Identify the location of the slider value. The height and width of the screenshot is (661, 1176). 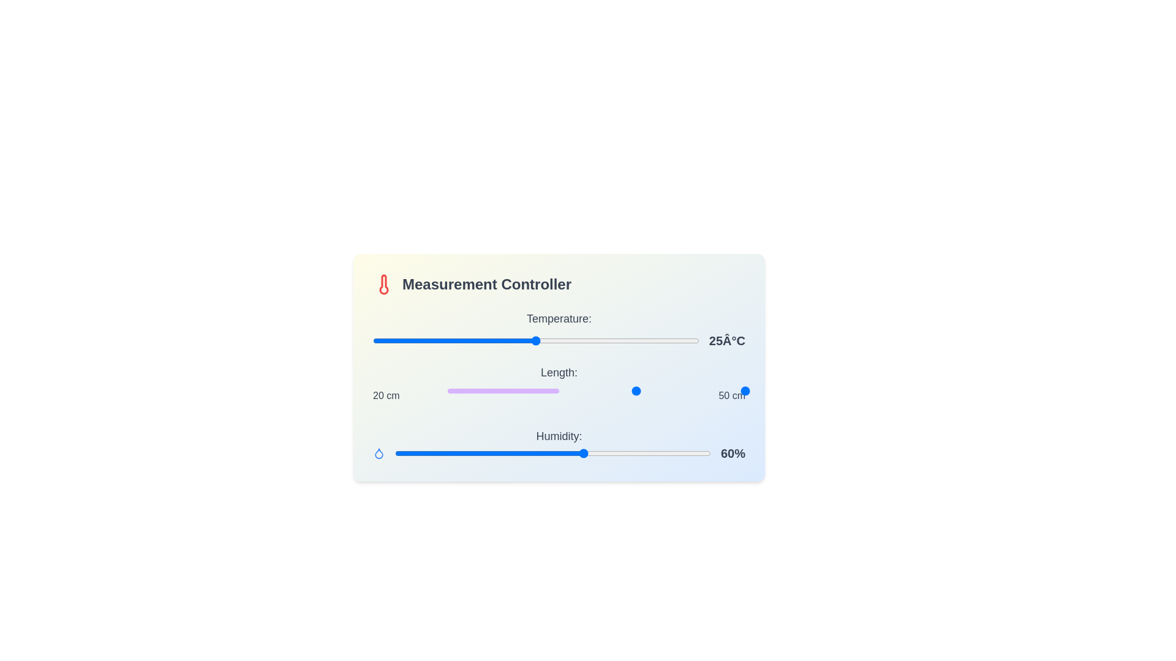
(566, 391).